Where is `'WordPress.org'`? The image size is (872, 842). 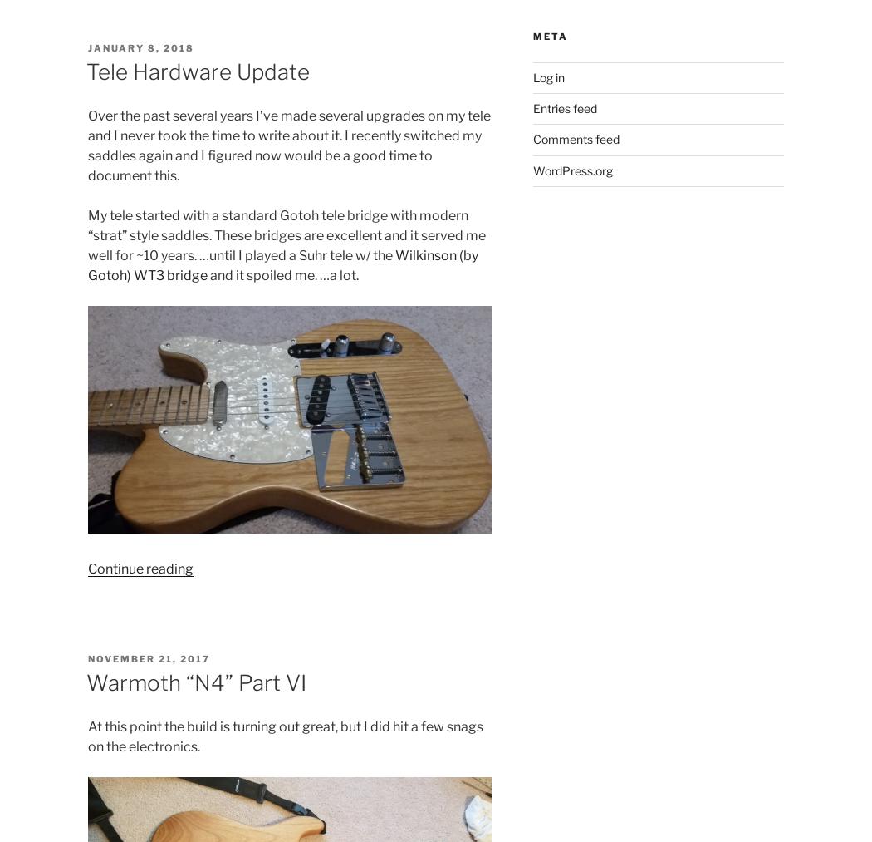
'WordPress.org' is located at coordinates (572, 169).